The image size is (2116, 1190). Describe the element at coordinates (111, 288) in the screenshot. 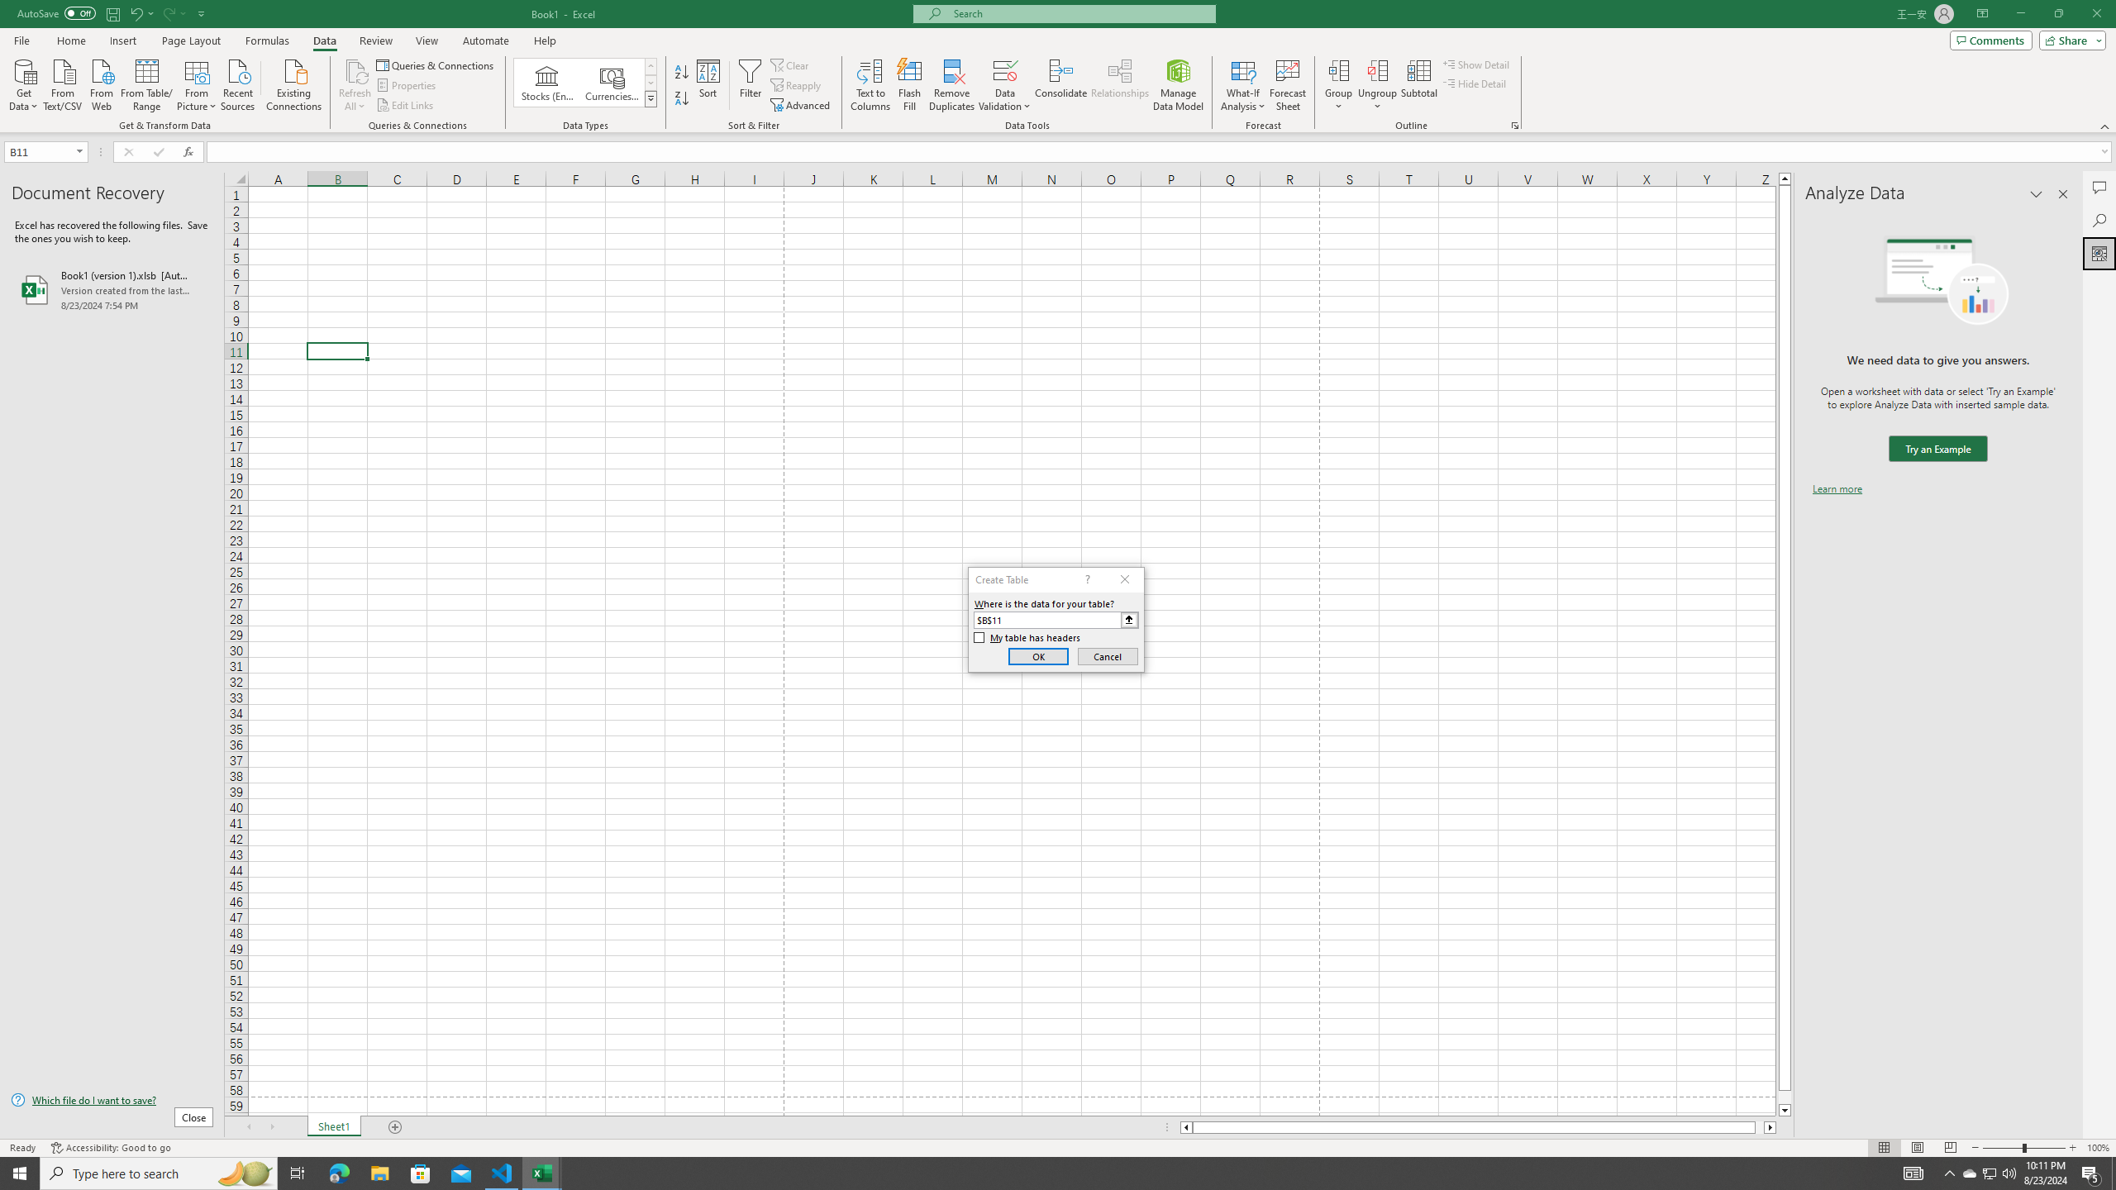

I see `'Book1 (version 1).xlsb  [AutoRecovered]'` at that location.